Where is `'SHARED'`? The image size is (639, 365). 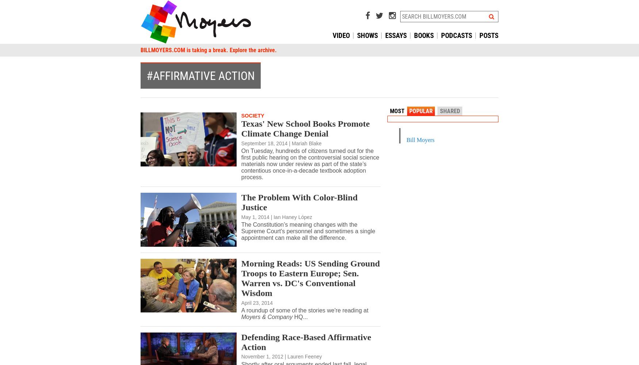
'SHARED' is located at coordinates (440, 111).